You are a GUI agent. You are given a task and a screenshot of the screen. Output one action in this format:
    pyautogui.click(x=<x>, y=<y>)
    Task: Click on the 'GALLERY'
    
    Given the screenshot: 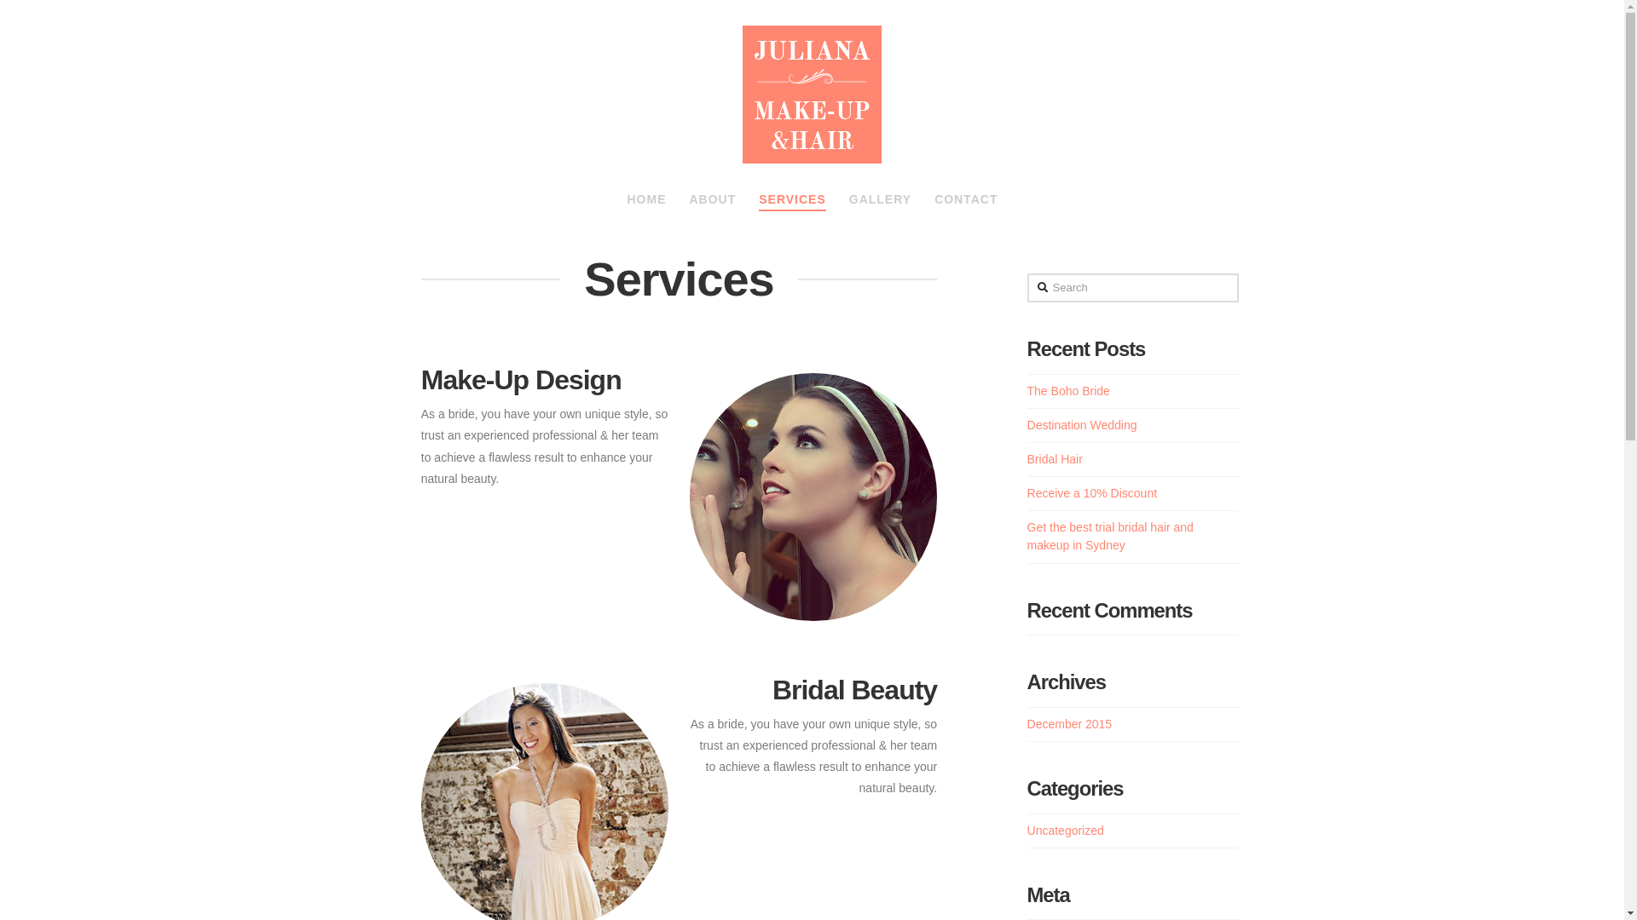 What is the action you would take?
    pyautogui.click(x=880, y=200)
    